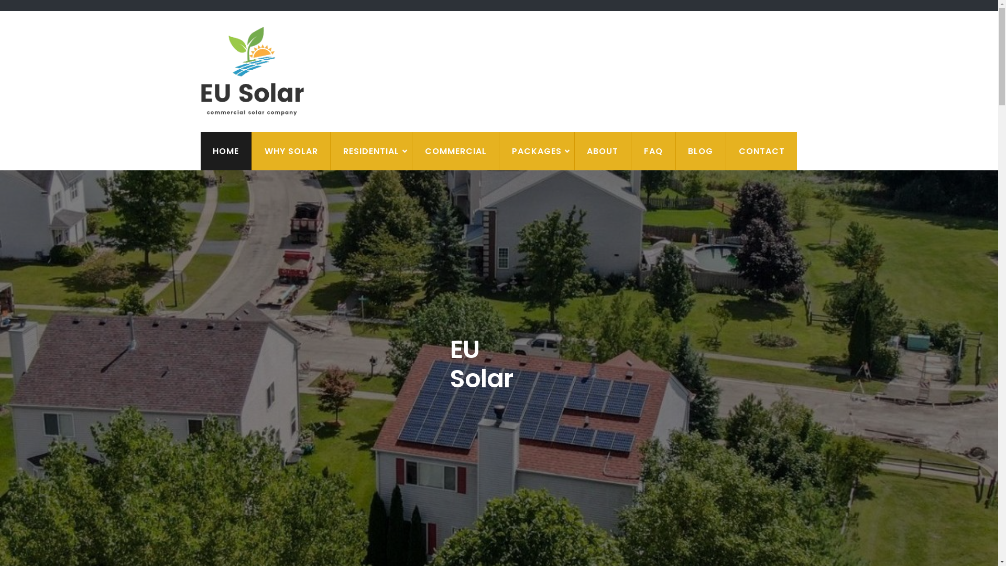 This screenshot has width=1006, height=566. I want to click on 'FAQ', so click(652, 151).